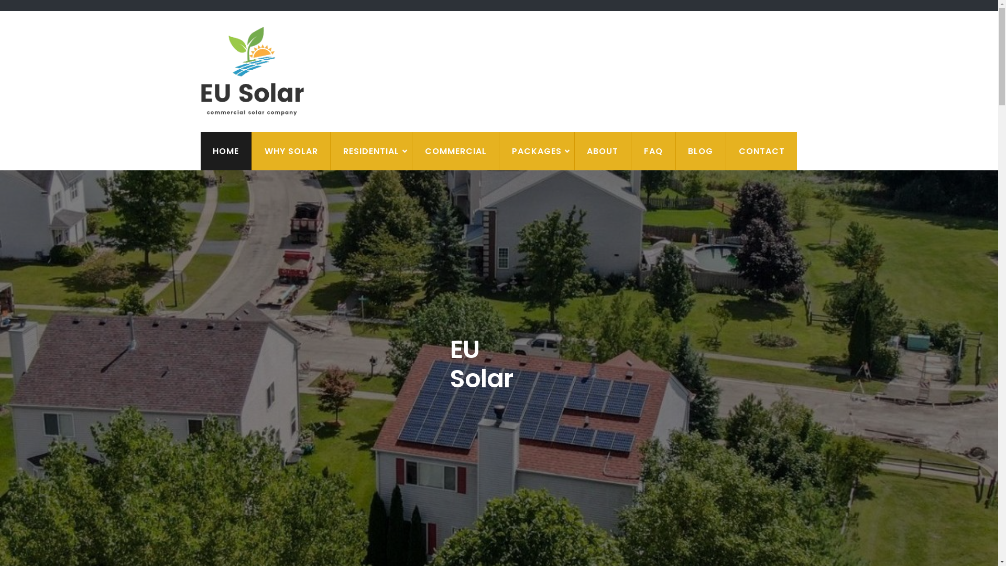 This screenshot has width=1006, height=566. I want to click on 'FAQ', so click(652, 151).